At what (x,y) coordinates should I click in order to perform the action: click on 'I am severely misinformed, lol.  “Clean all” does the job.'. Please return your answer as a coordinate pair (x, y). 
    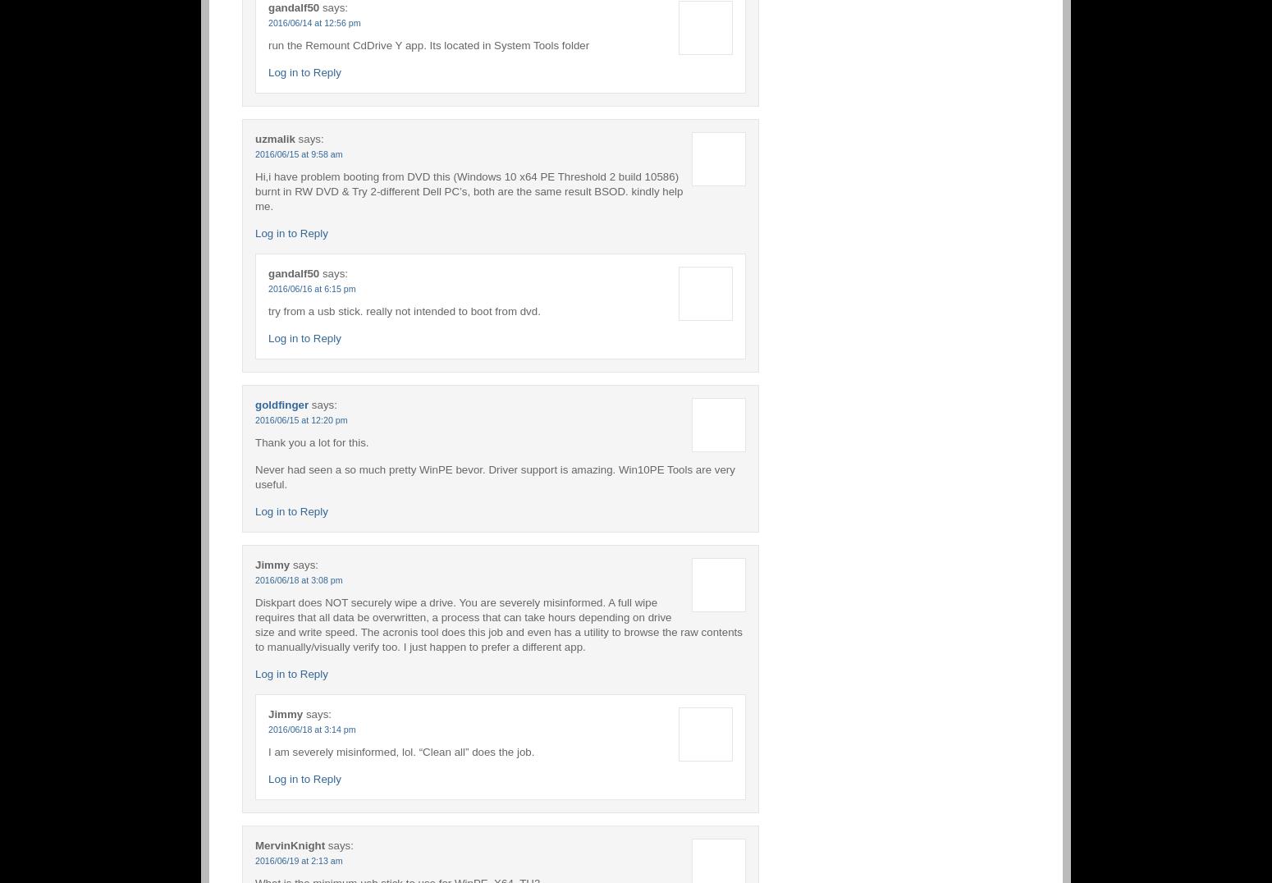
    Looking at the image, I should click on (400, 750).